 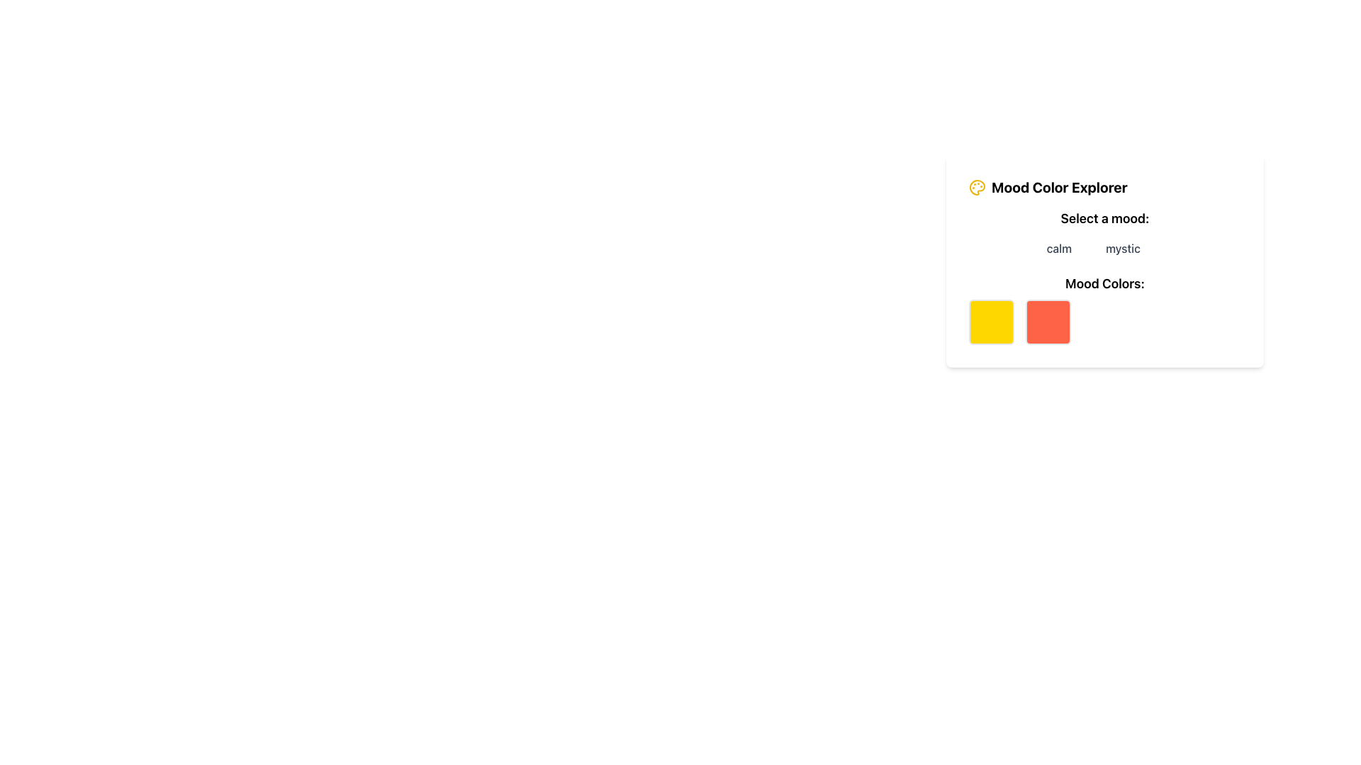 I want to click on the 'happy' button with a blue background, so click(x=995, y=248).